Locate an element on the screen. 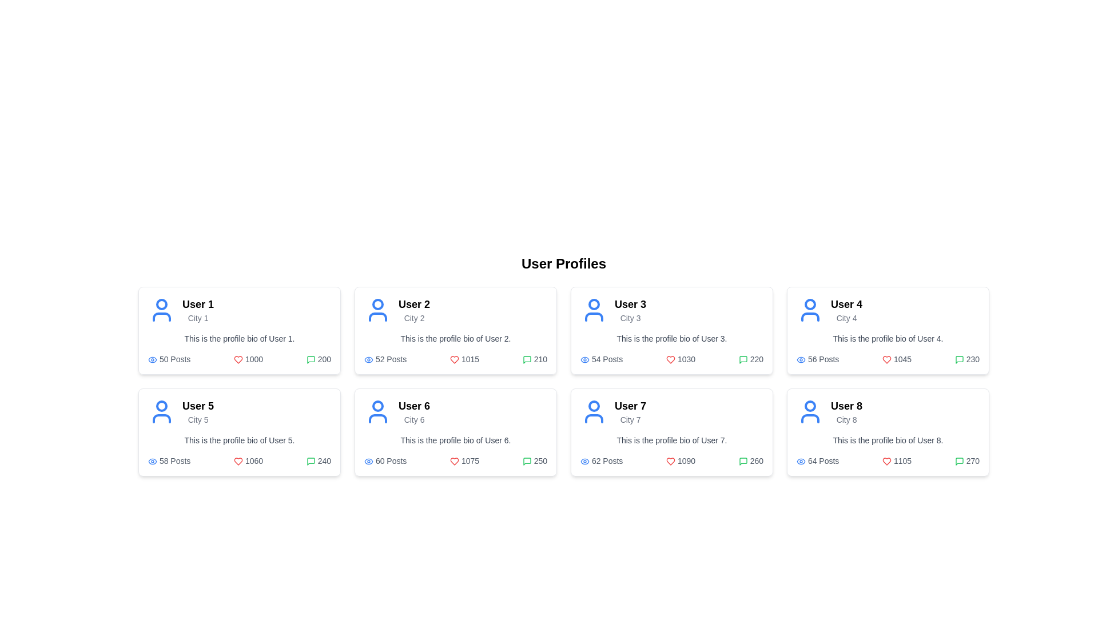 The width and height of the screenshot is (1098, 617). the comment interaction icon located in the profile card of 'User 2', positioned in the second column of the first row, to the right of the numerical comment count is located at coordinates (526, 360).